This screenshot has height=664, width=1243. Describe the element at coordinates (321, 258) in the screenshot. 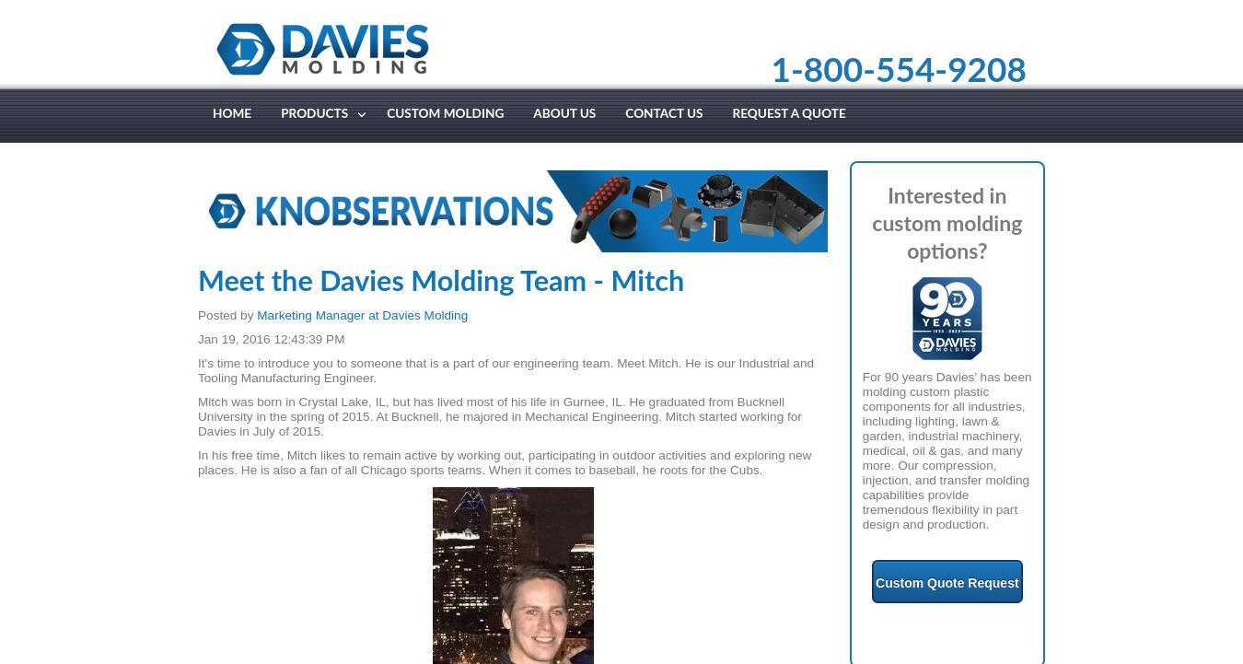

I see `'Cable Glands'` at that location.